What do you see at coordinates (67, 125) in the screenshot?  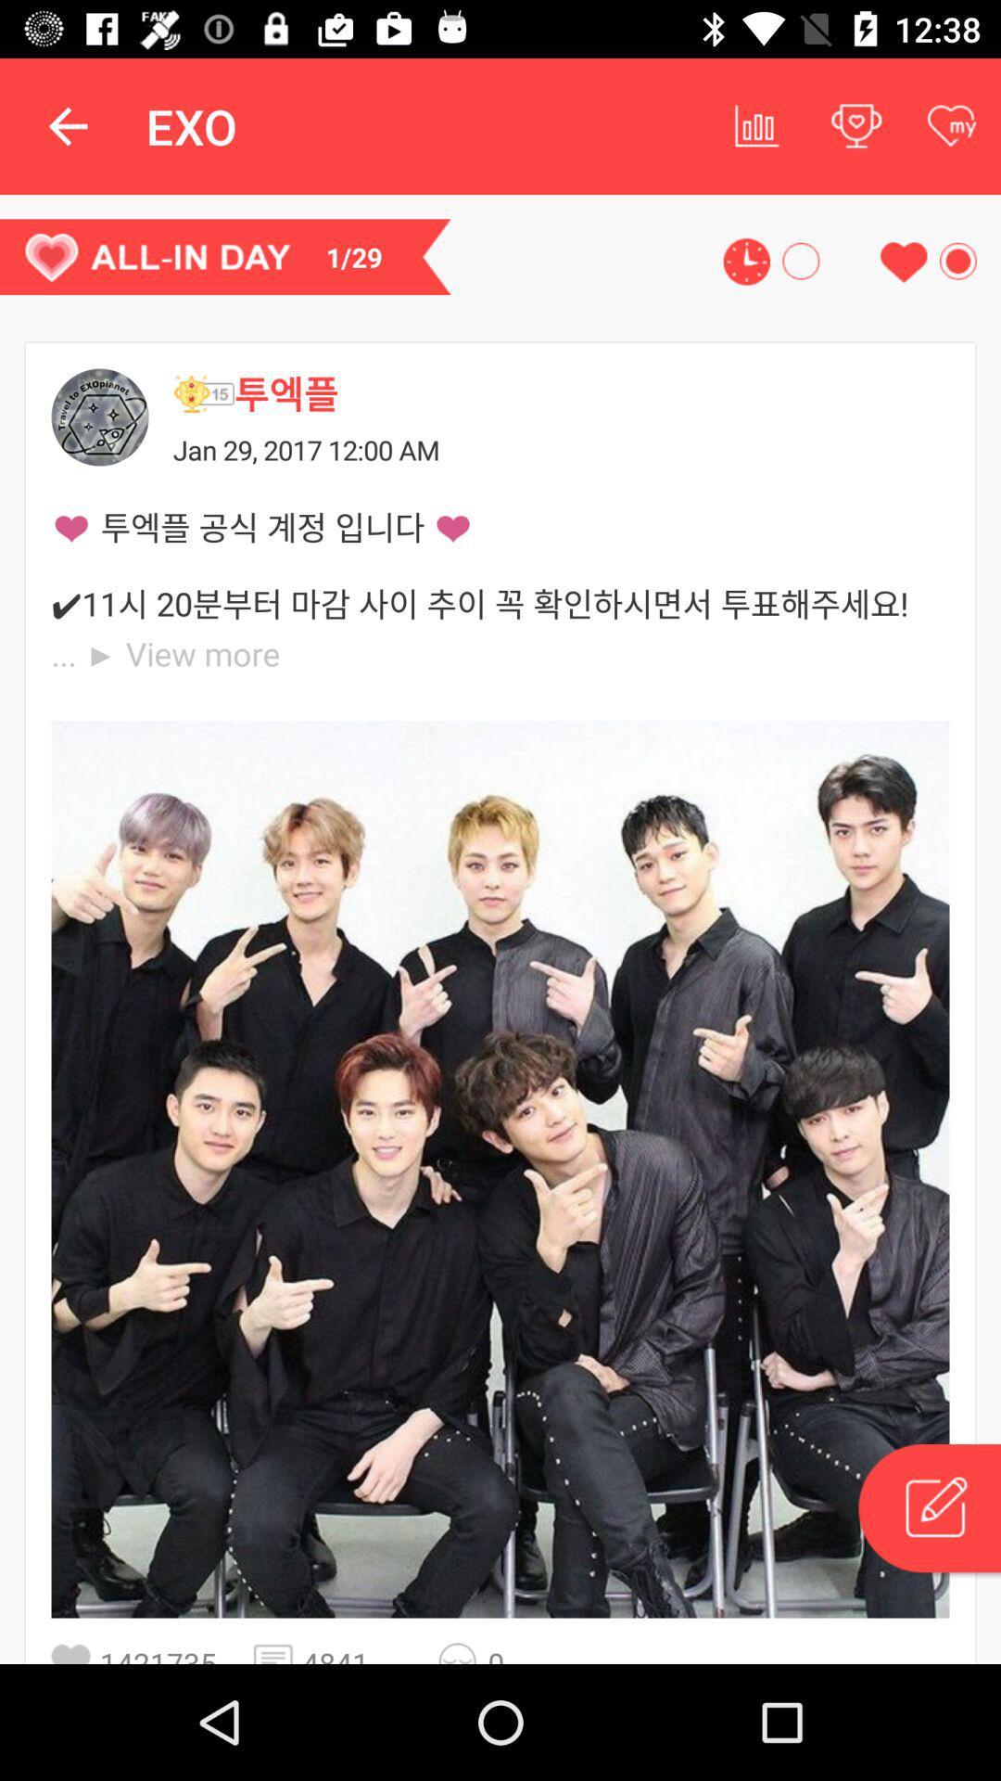 I see `the item above the 1/29 item` at bounding box center [67, 125].